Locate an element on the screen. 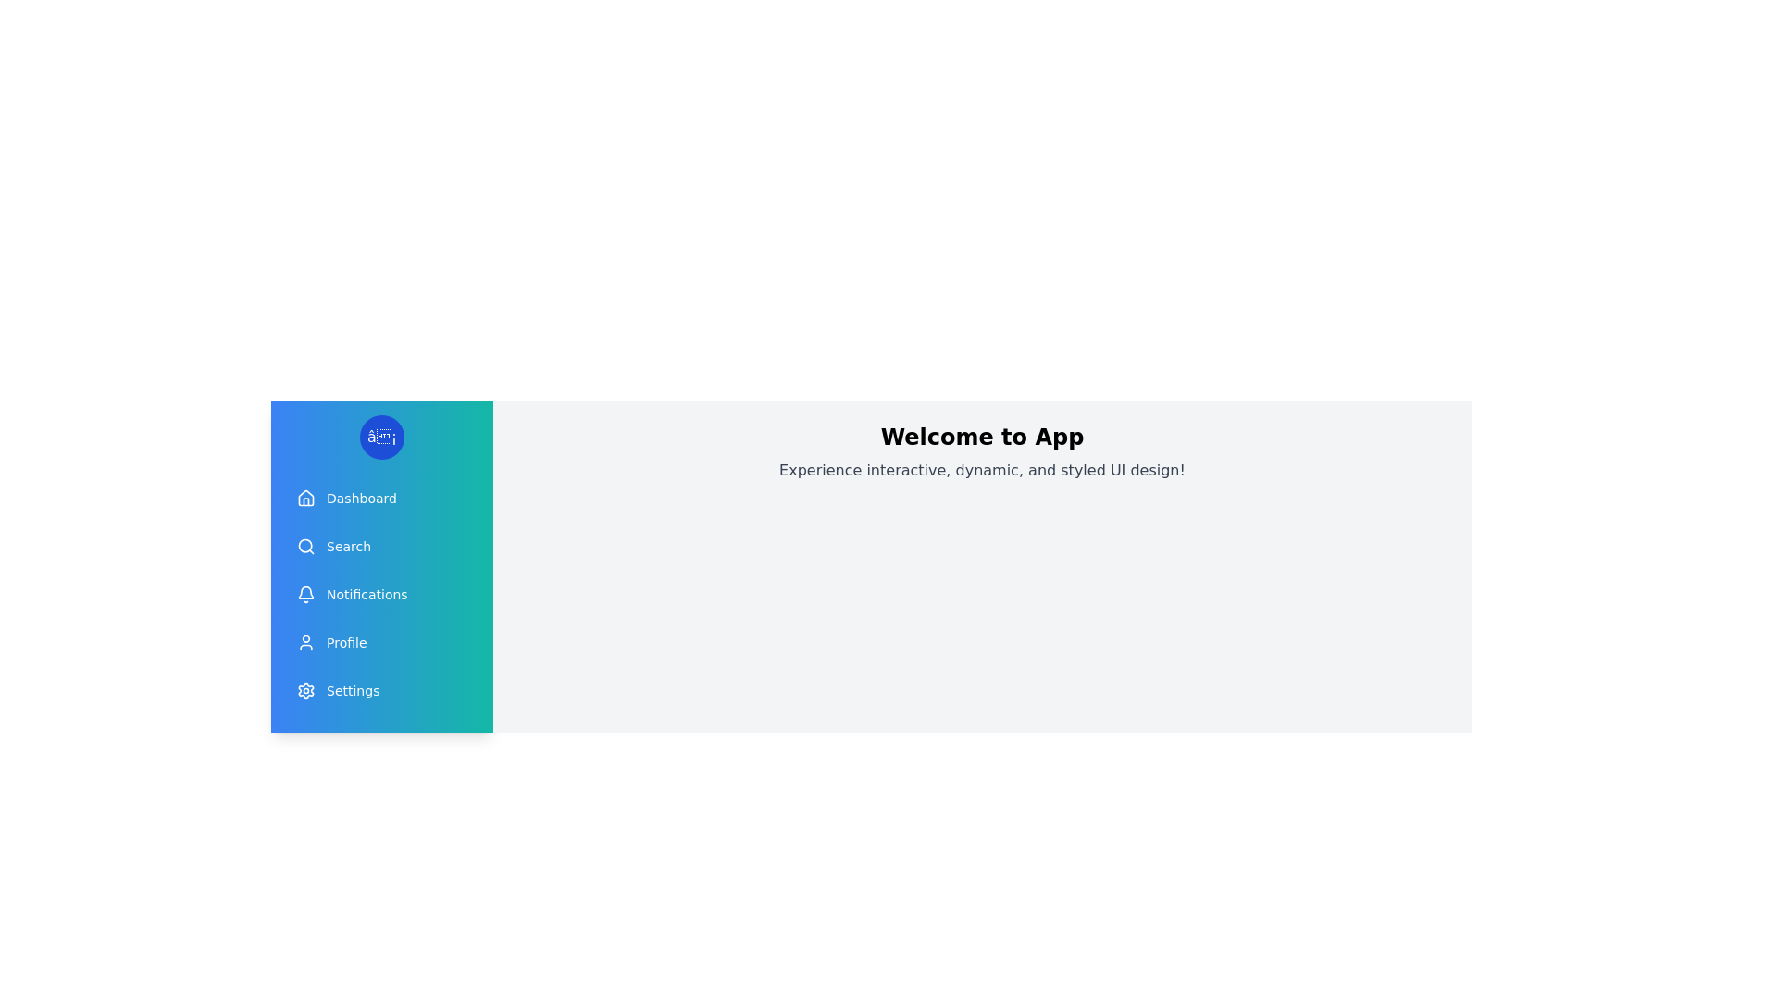 This screenshot has width=1777, height=999. the menu item Profile to observe its hover effect is located at coordinates (380, 641).